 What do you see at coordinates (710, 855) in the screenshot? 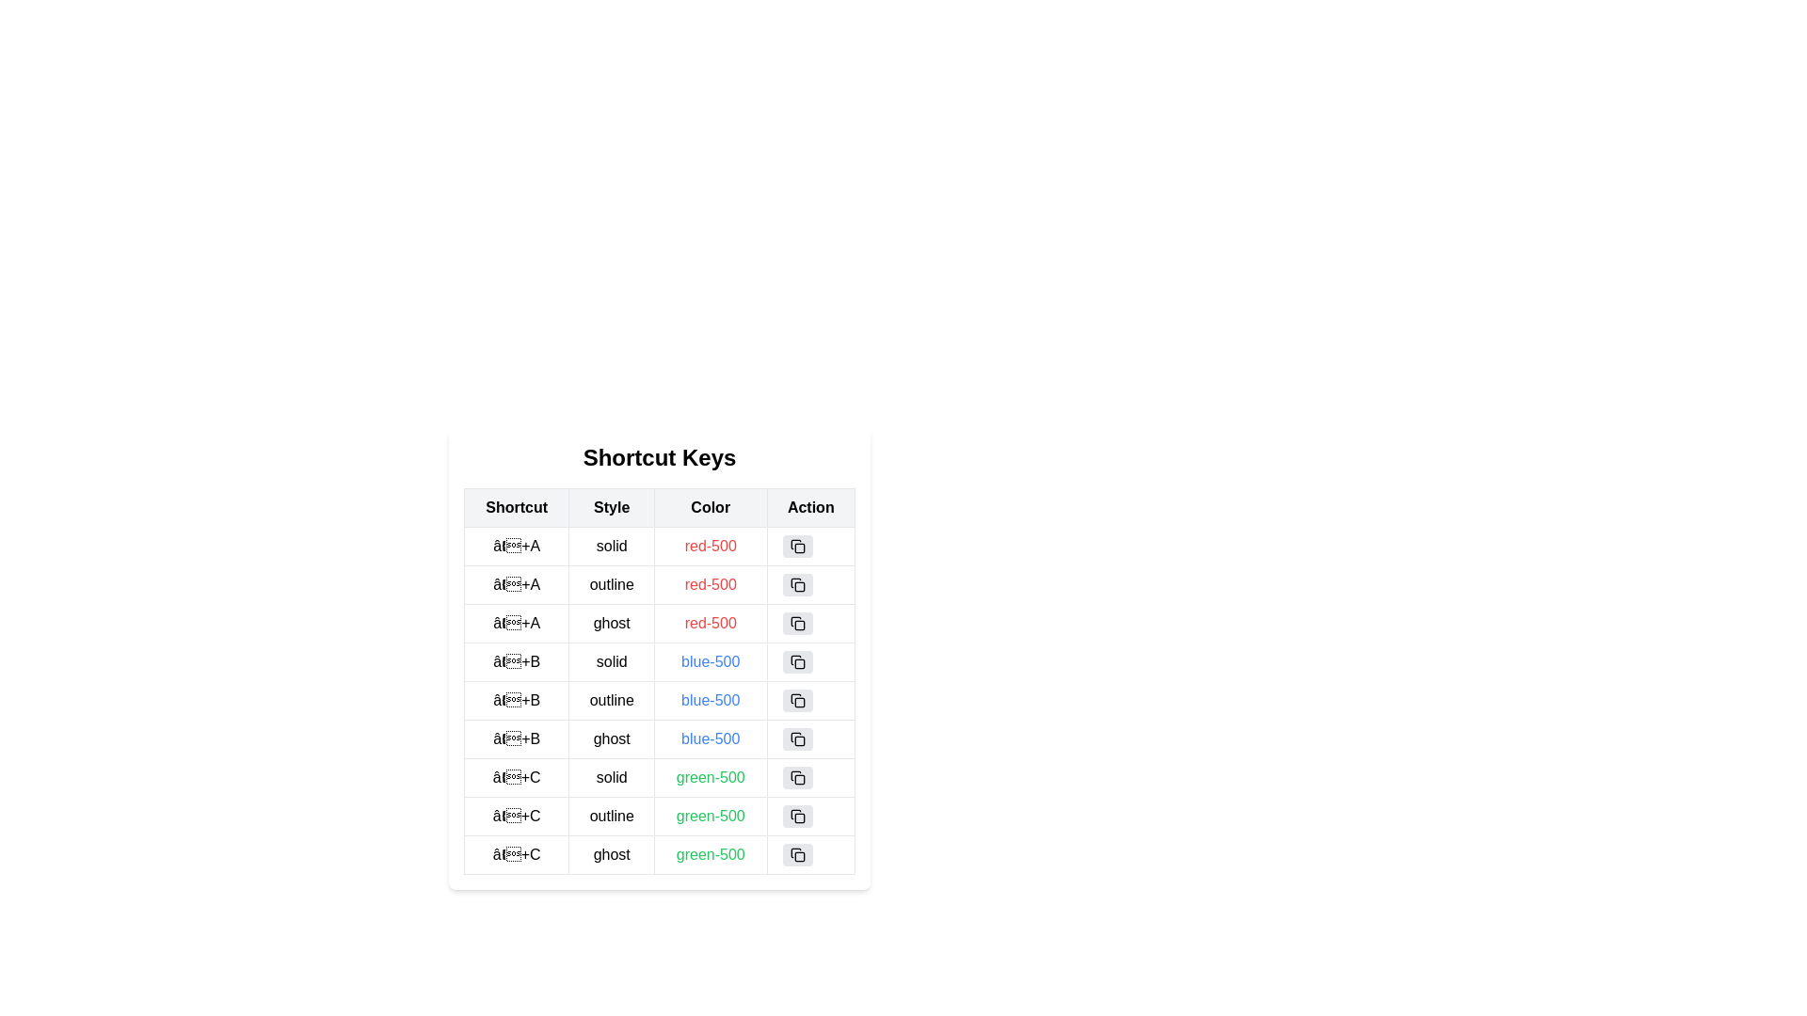
I see `text from the color label in the last row of the table under the 'Color' column, which conveys the styling option 'green-500'` at bounding box center [710, 855].